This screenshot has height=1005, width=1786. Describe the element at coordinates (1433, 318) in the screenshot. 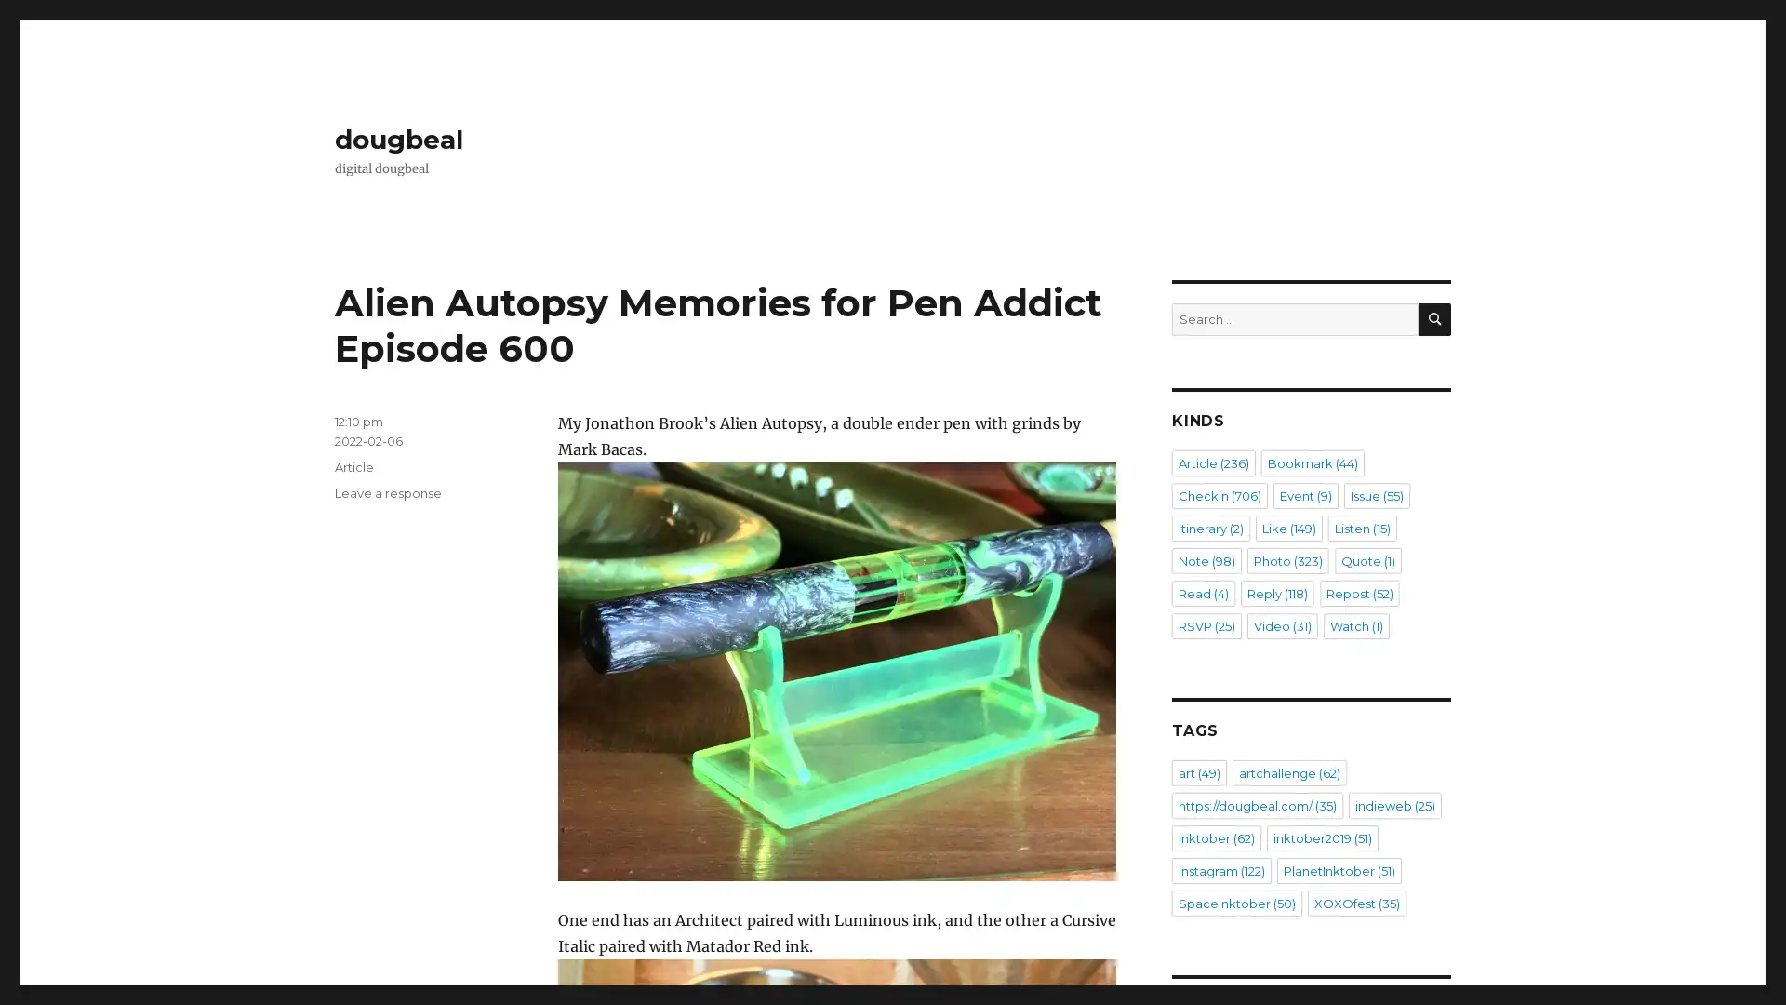

I see `SEARCH` at that location.